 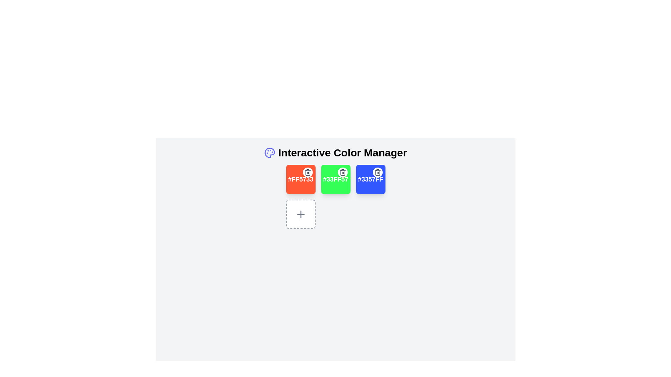 What do you see at coordinates (377, 172) in the screenshot?
I see `the trash icon located at the top-right corner of the blue card` at bounding box center [377, 172].